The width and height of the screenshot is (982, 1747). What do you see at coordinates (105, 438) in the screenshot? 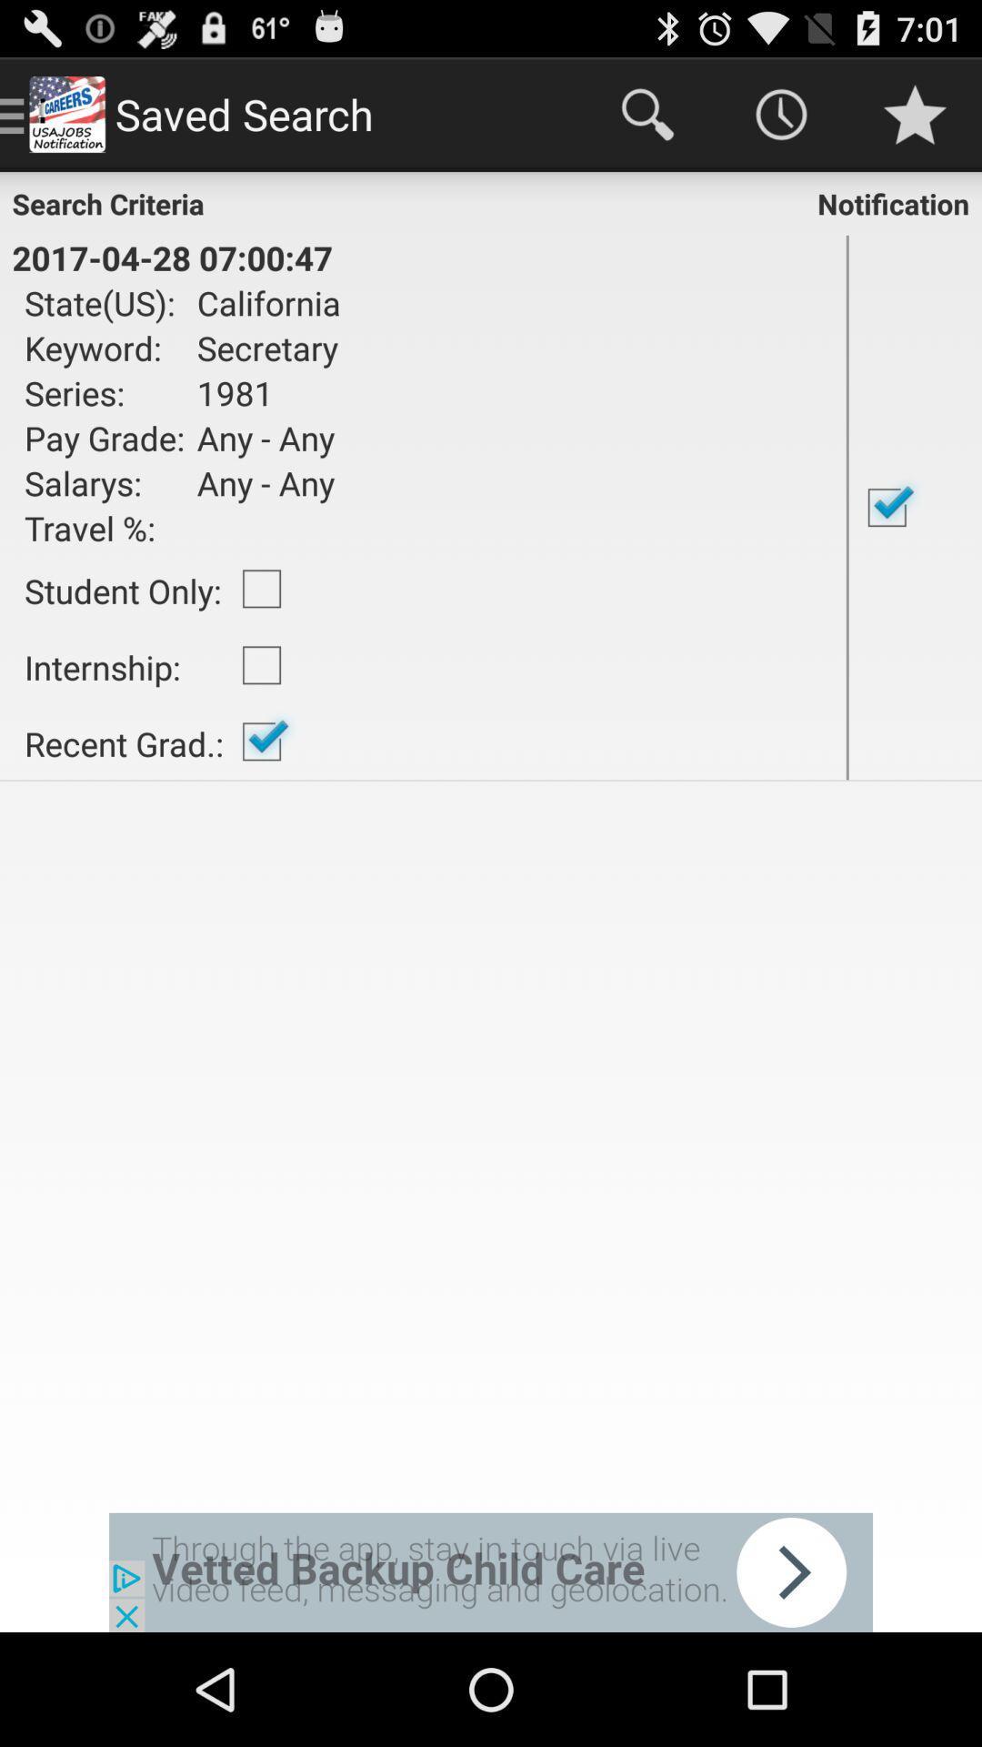
I see `pay grade: item` at bounding box center [105, 438].